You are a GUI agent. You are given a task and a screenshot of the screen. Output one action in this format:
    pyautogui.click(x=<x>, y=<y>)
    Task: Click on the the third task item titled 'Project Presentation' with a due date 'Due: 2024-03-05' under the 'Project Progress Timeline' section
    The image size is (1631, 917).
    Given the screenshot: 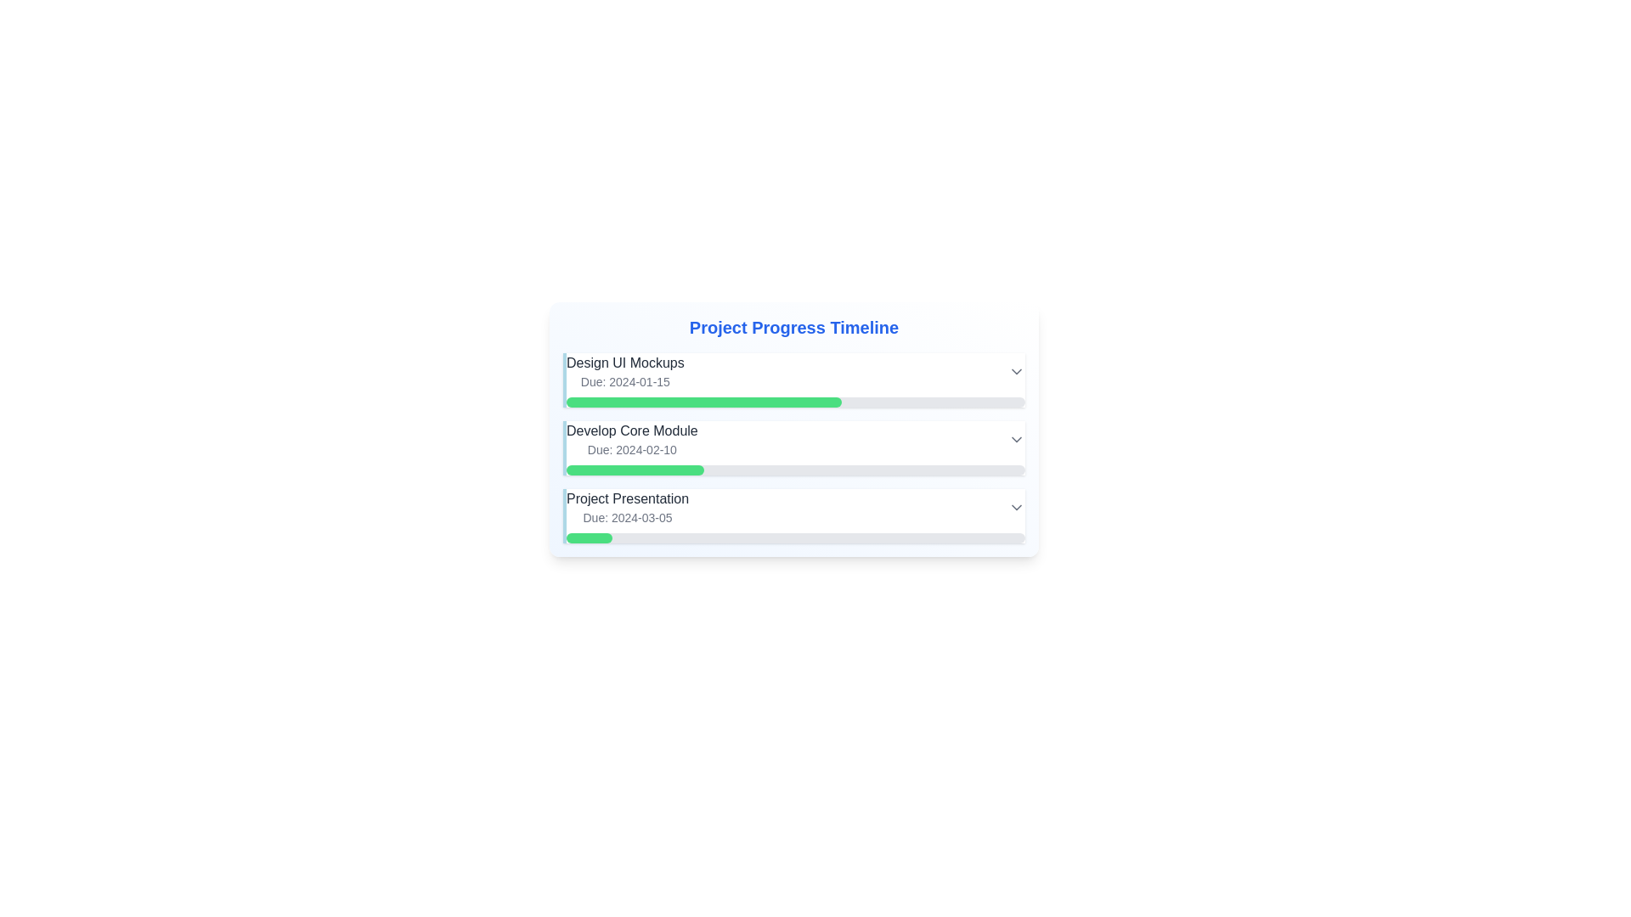 What is the action you would take?
    pyautogui.click(x=794, y=506)
    